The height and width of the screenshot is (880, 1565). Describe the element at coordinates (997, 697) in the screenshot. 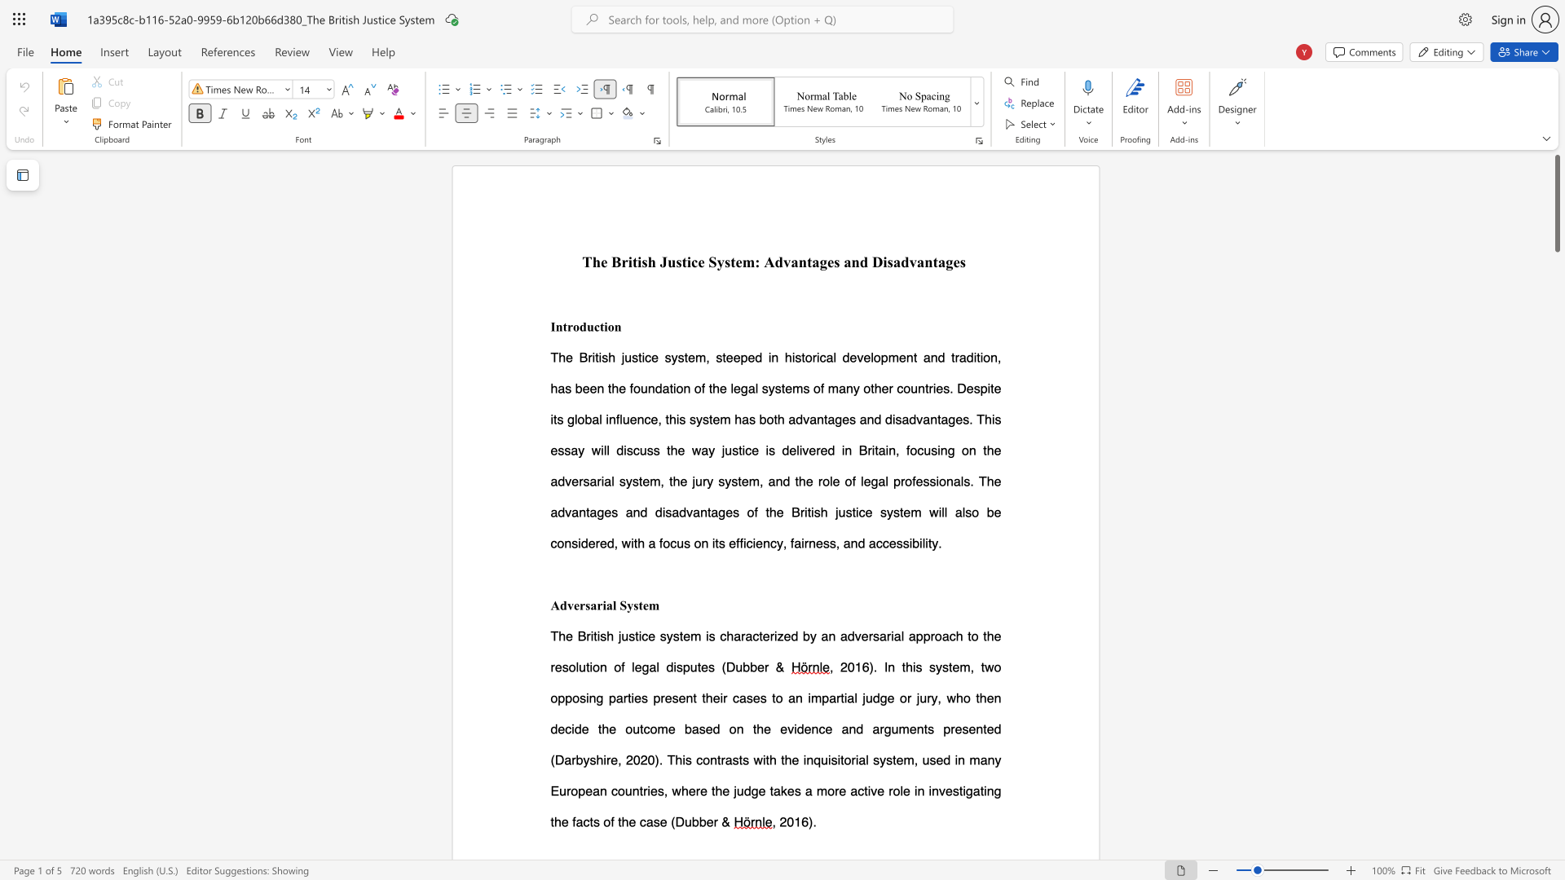

I see `the 5th character "n" in the text` at that location.